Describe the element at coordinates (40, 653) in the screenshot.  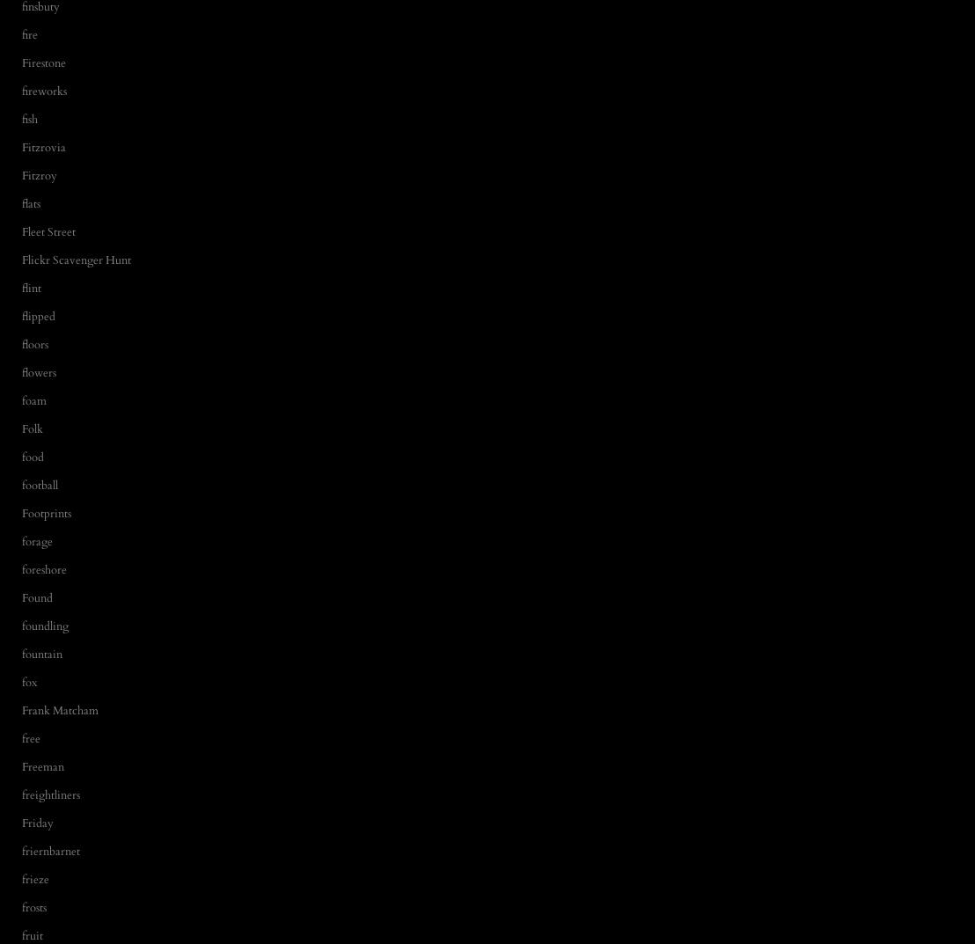
I see `'fountain'` at that location.